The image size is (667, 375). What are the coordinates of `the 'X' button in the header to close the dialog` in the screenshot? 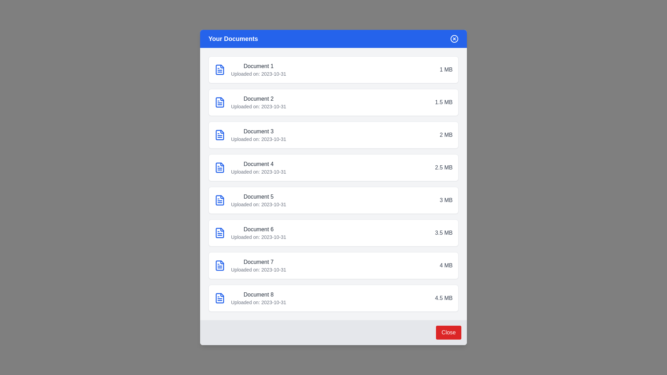 It's located at (454, 39).